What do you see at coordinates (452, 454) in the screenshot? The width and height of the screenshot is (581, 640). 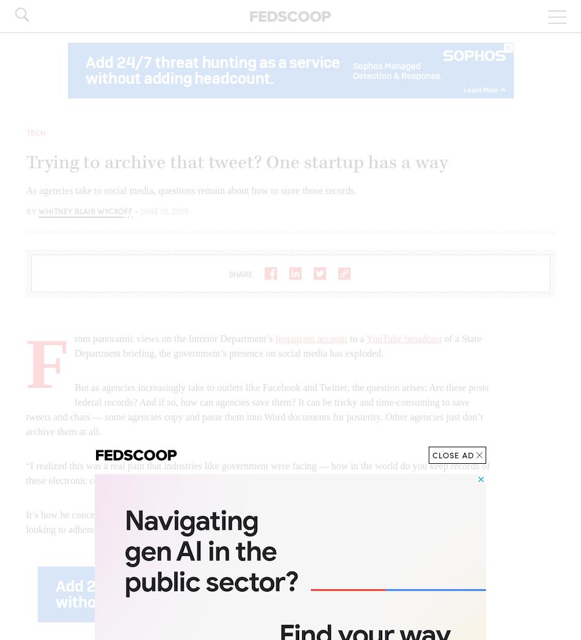 I see `'Close Ad'` at bounding box center [452, 454].